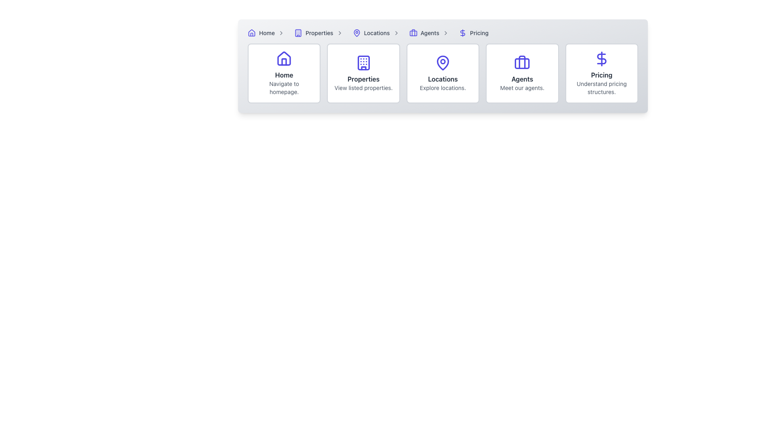  Describe the element at coordinates (413, 32) in the screenshot. I see `the indigo briefcase icon that represents the 'Agents' section, positioned to the left of the text 'Agents'` at that location.